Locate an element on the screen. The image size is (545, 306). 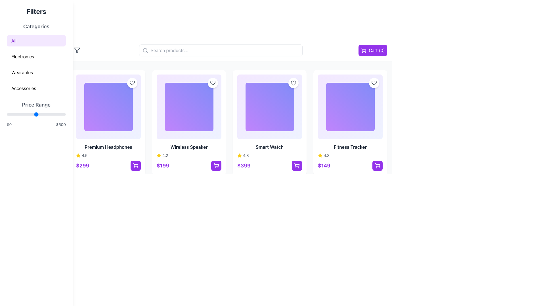
an option in the 'Categories' vertical list located in the left sidebar is located at coordinates (36, 58).